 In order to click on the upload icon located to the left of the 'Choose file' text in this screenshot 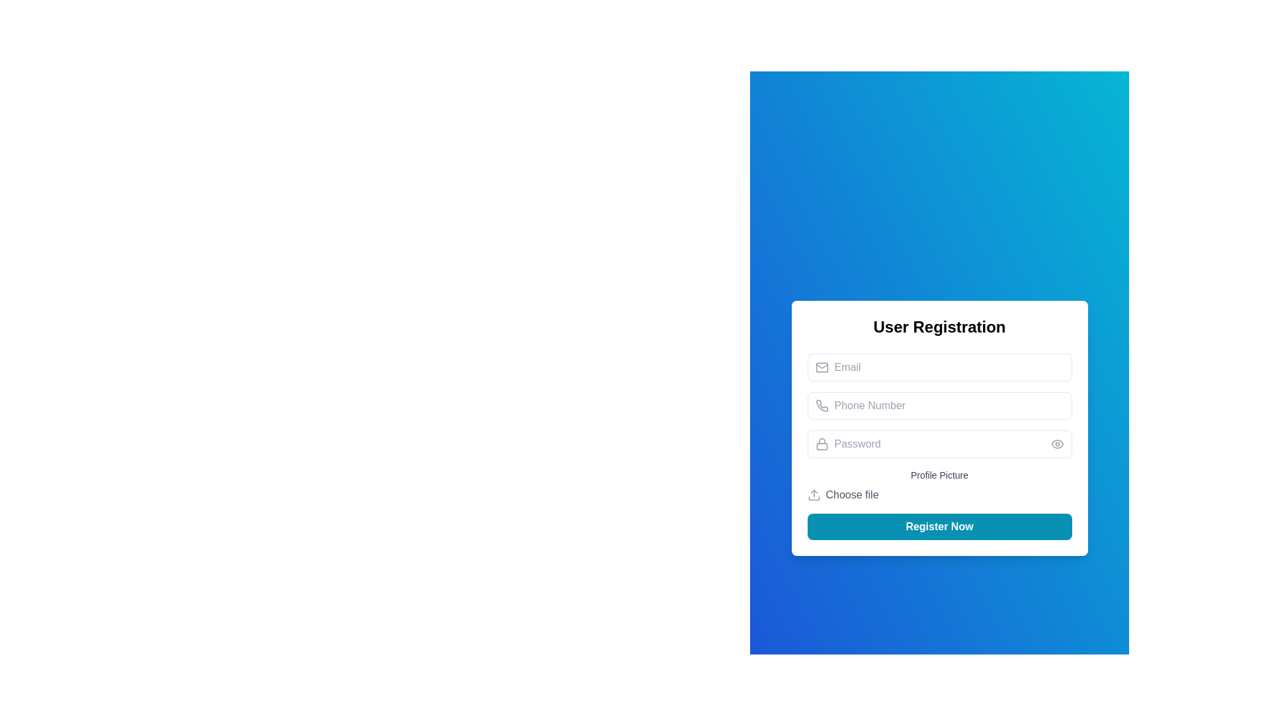, I will do `click(813, 495)`.